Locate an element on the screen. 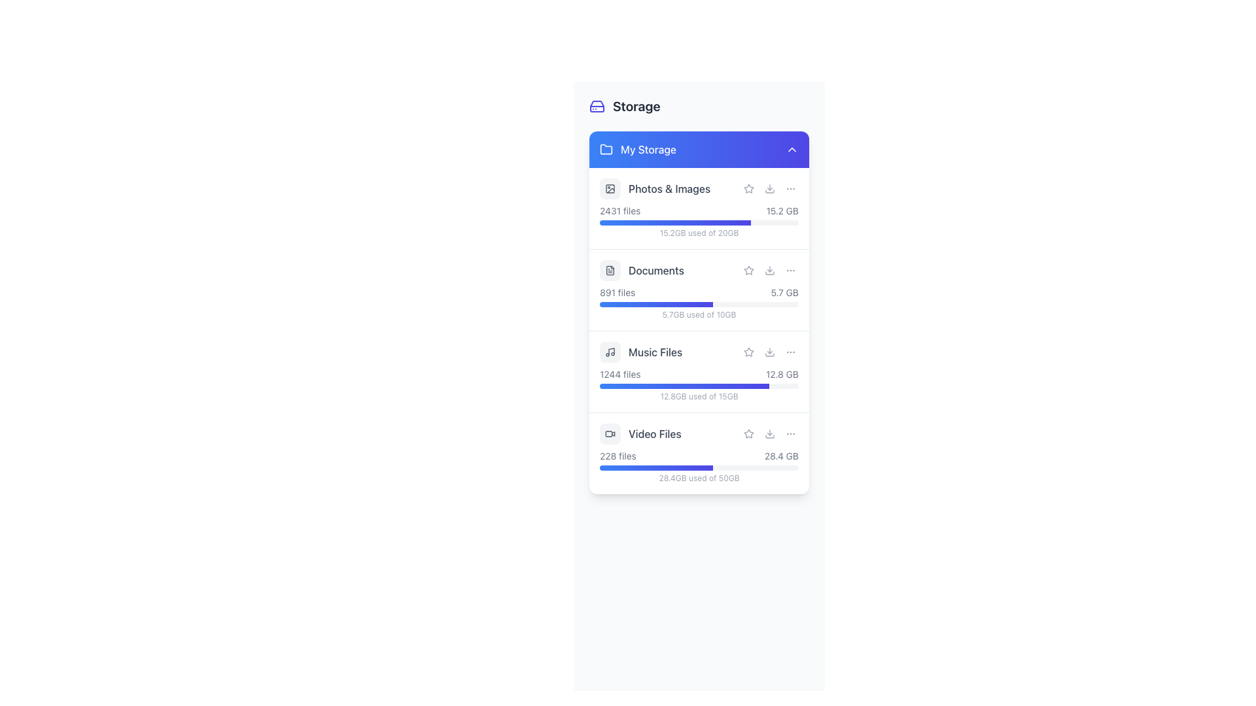 Image resolution: width=1256 pixels, height=706 pixels. the Textual information display showing '1244 files' and '12.8 GB' in the 'Music Files' section, positioned beneath the title and above the progress bar is located at coordinates (699, 375).